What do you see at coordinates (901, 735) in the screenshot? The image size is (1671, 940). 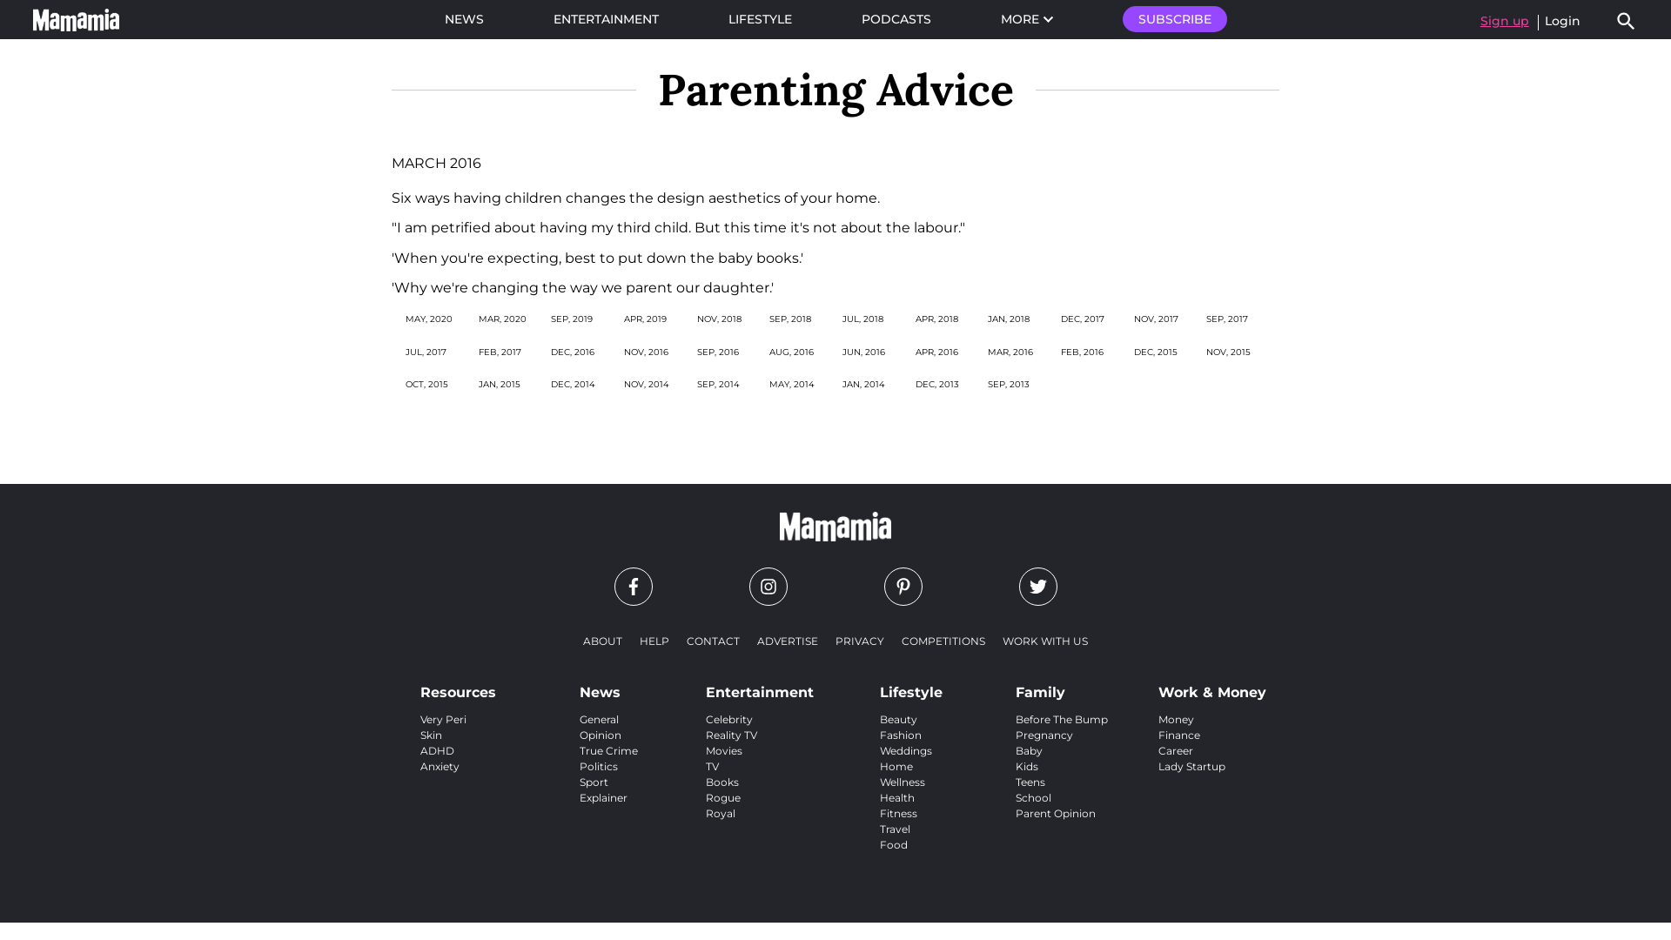 I see `'Fashion'` at bounding box center [901, 735].